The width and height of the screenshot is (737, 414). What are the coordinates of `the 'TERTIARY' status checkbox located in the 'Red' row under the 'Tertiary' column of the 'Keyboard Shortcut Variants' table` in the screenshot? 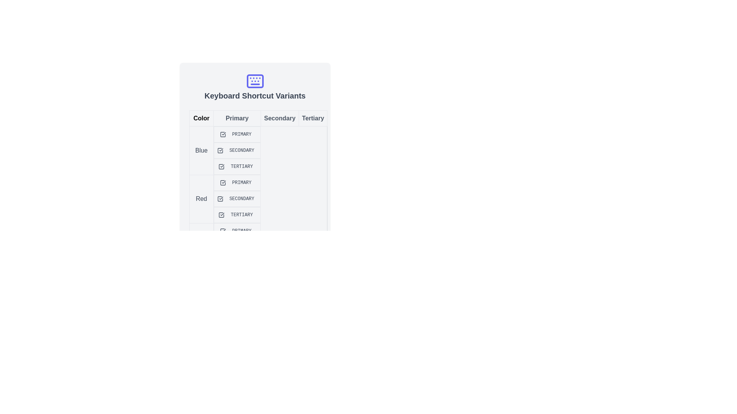 It's located at (237, 215).